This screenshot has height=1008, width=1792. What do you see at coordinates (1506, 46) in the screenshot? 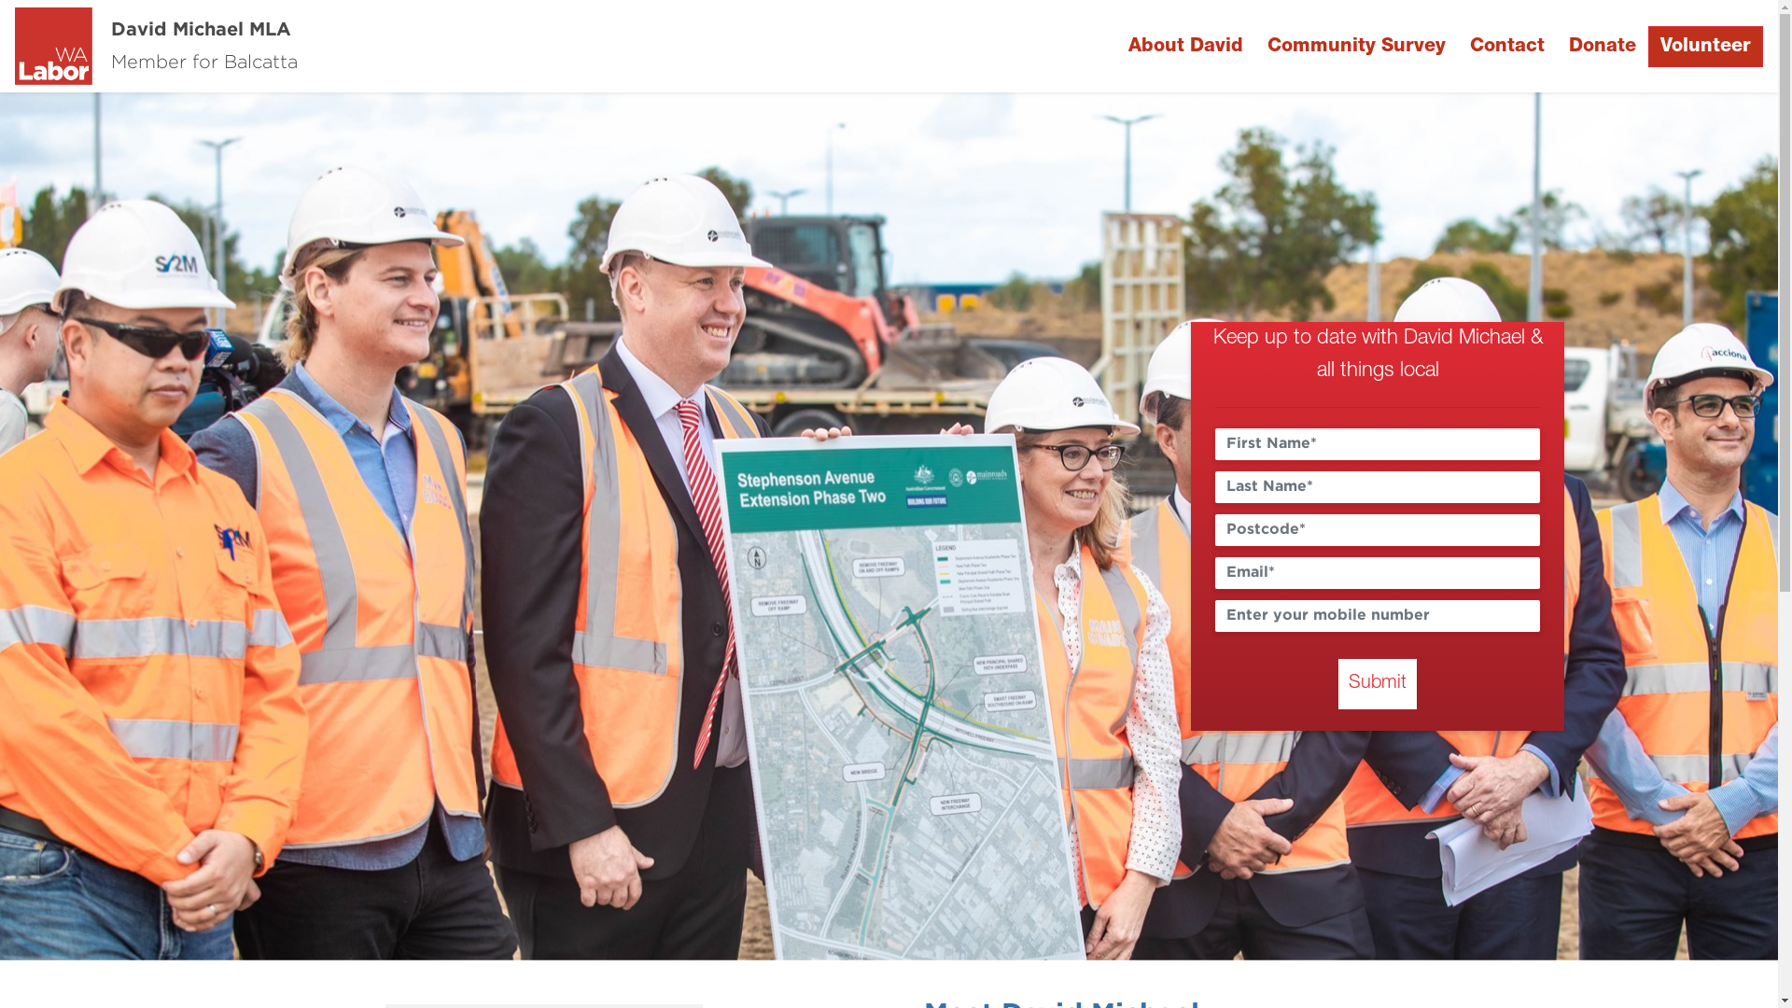
I see `'Contact'` at bounding box center [1506, 46].